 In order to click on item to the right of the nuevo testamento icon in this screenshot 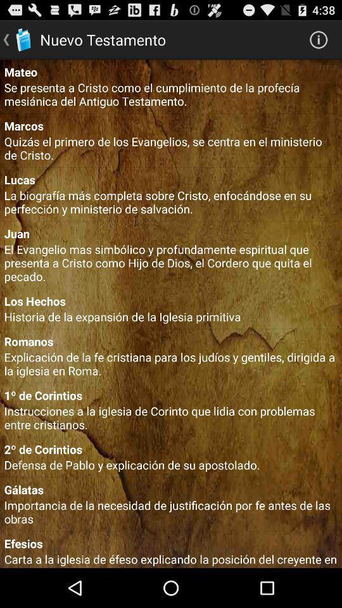, I will do `click(318, 39)`.